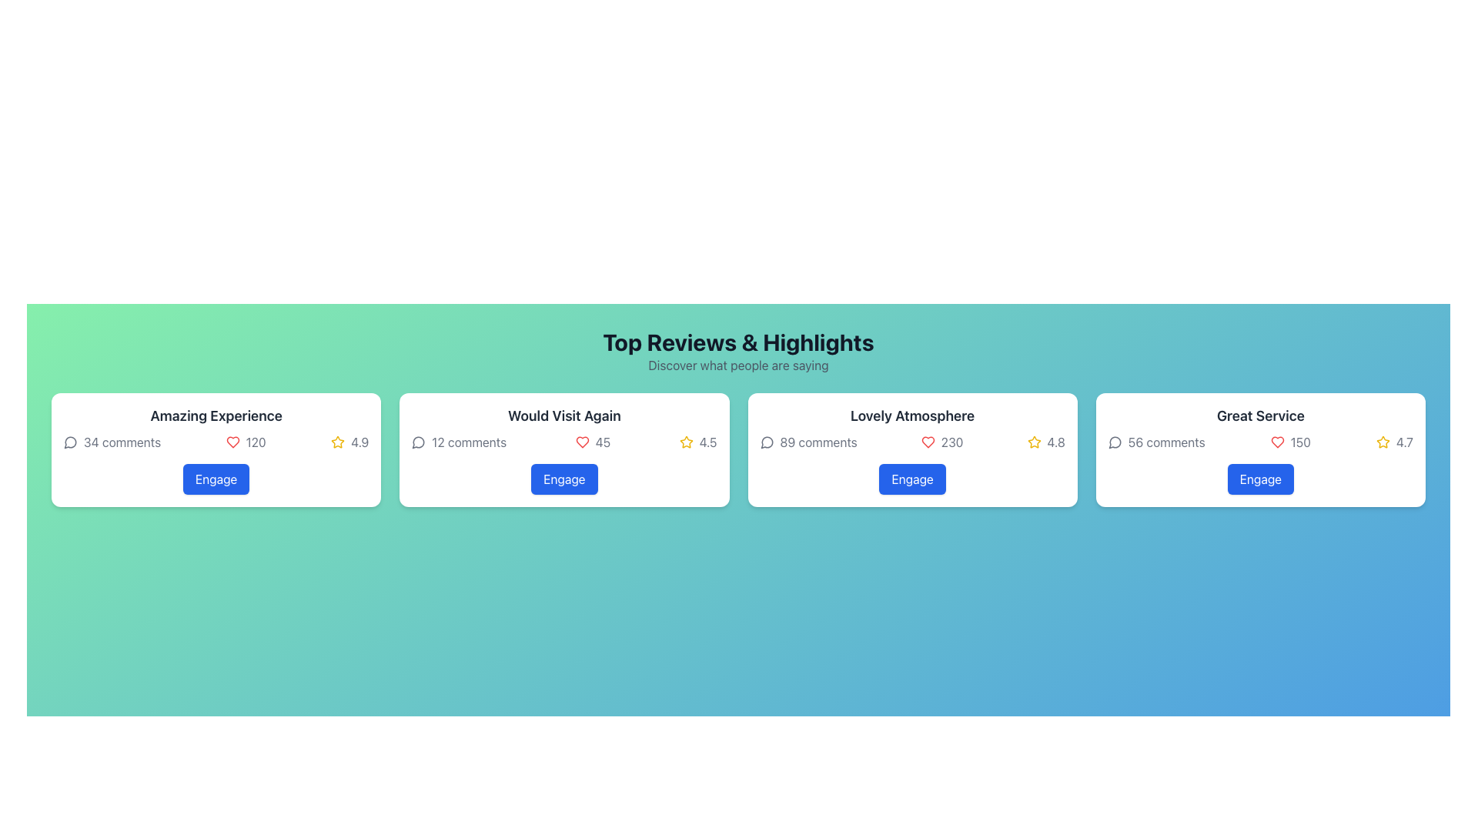  I want to click on the text element displaying '4.5' in gray font, which is located to the right of the yellow star icon in the second review card from the left, so click(707, 442).